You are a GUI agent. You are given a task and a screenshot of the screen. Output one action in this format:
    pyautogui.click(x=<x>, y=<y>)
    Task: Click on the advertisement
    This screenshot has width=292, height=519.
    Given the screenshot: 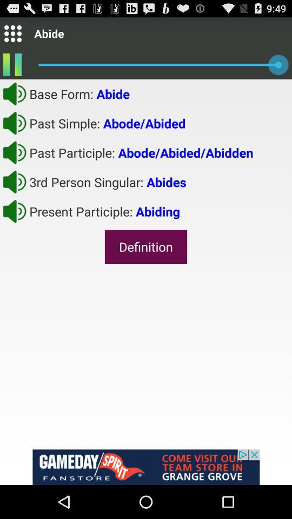 What is the action you would take?
    pyautogui.click(x=146, y=467)
    